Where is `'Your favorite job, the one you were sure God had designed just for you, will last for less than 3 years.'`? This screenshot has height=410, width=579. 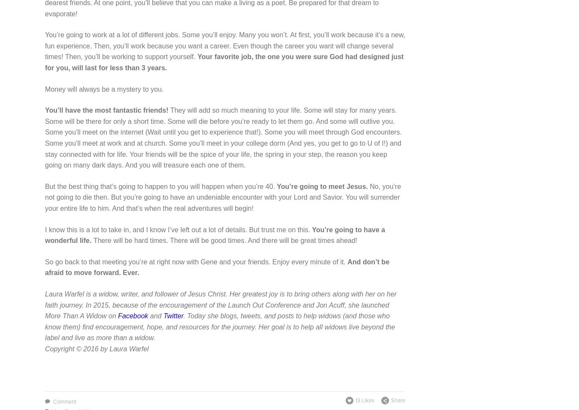 'Your favorite job, the one you were sure God had designed just for you, will last for less than 3 years.' is located at coordinates (223, 62).